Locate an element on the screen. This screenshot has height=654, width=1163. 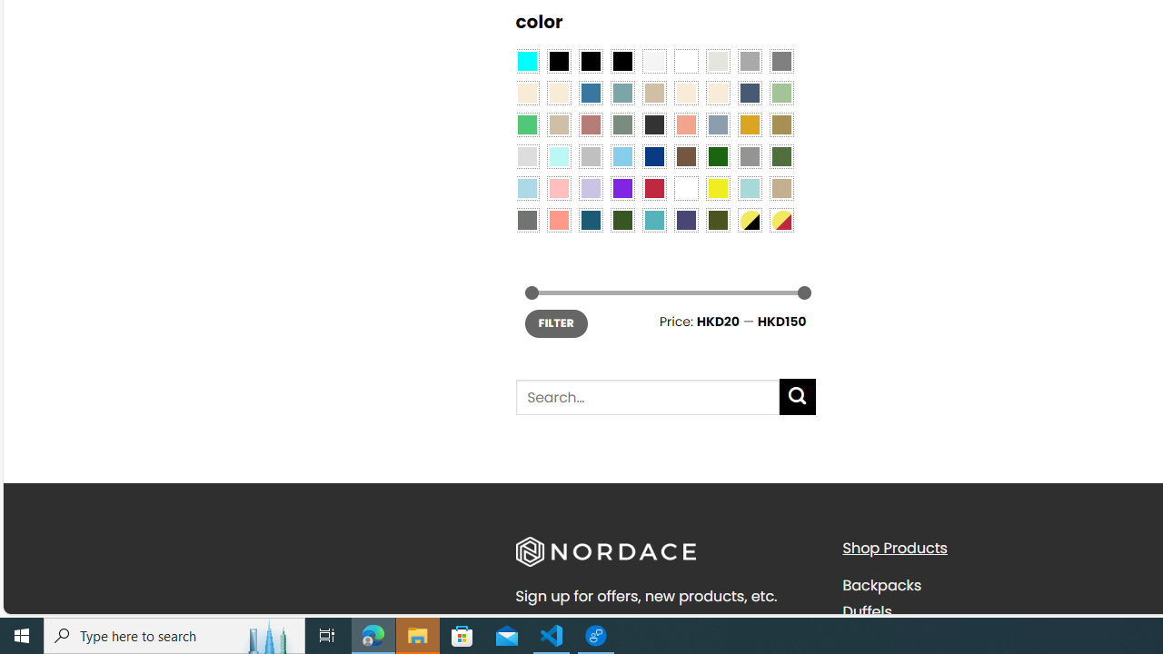
'Yellow-Red' is located at coordinates (781, 220).